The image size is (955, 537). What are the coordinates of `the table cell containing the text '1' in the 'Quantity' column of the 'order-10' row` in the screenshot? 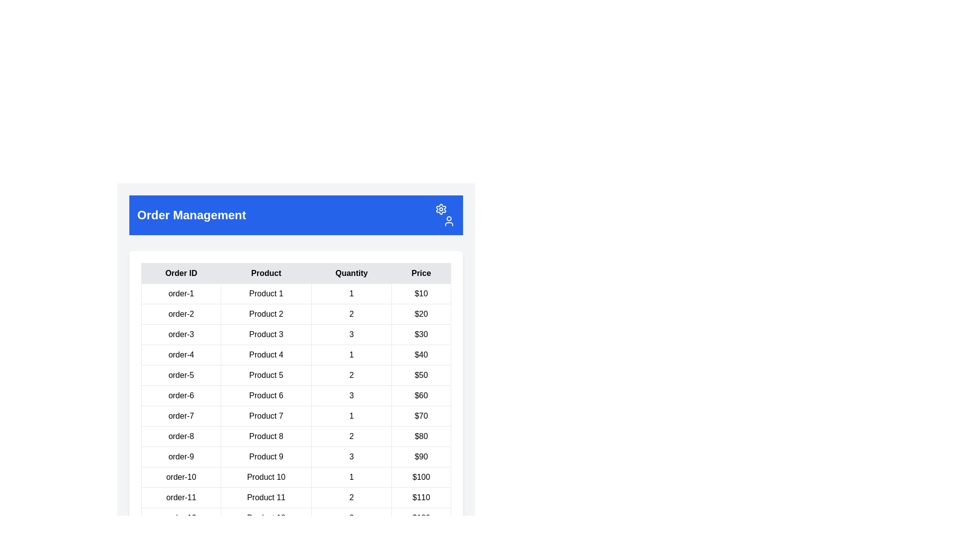 It's located at (351, 477).